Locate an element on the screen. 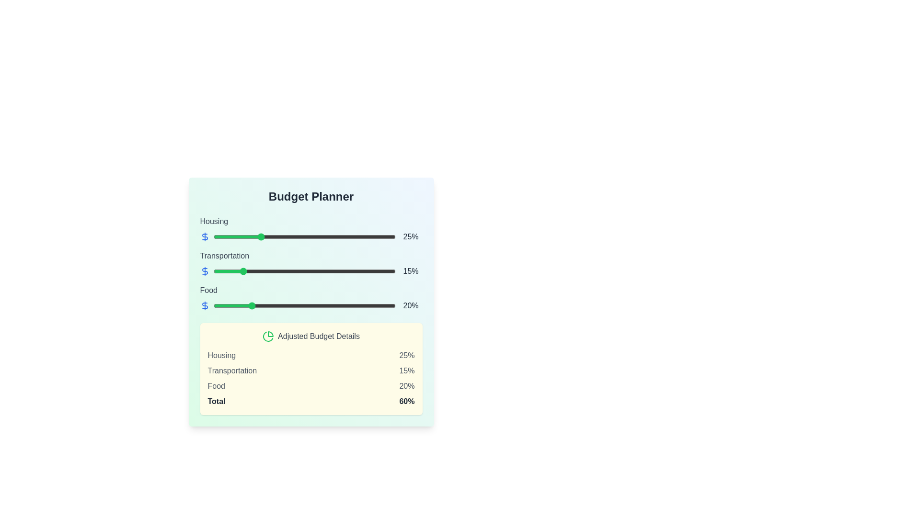  the 'Transportation' slider is located at coordinates (371, 271).